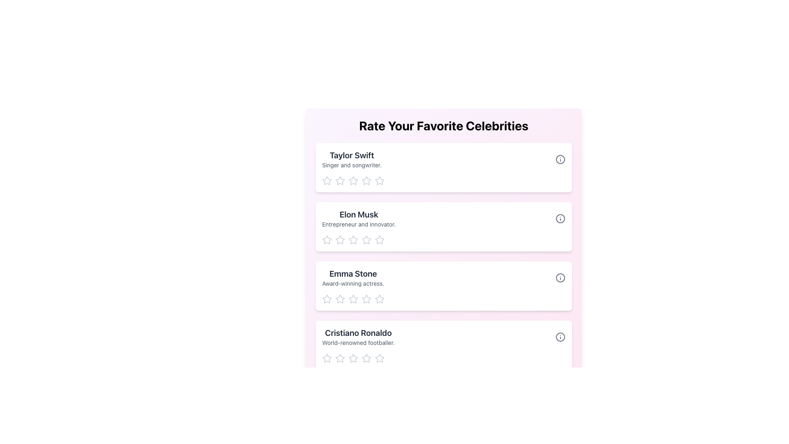 This screenshot has height=444, width=789. I want to click on the text display that shows the name of the individual being rated, located just above the descriptive text 'World-renowned footballer' at the bottom of a vertical list, so click(358, 333).